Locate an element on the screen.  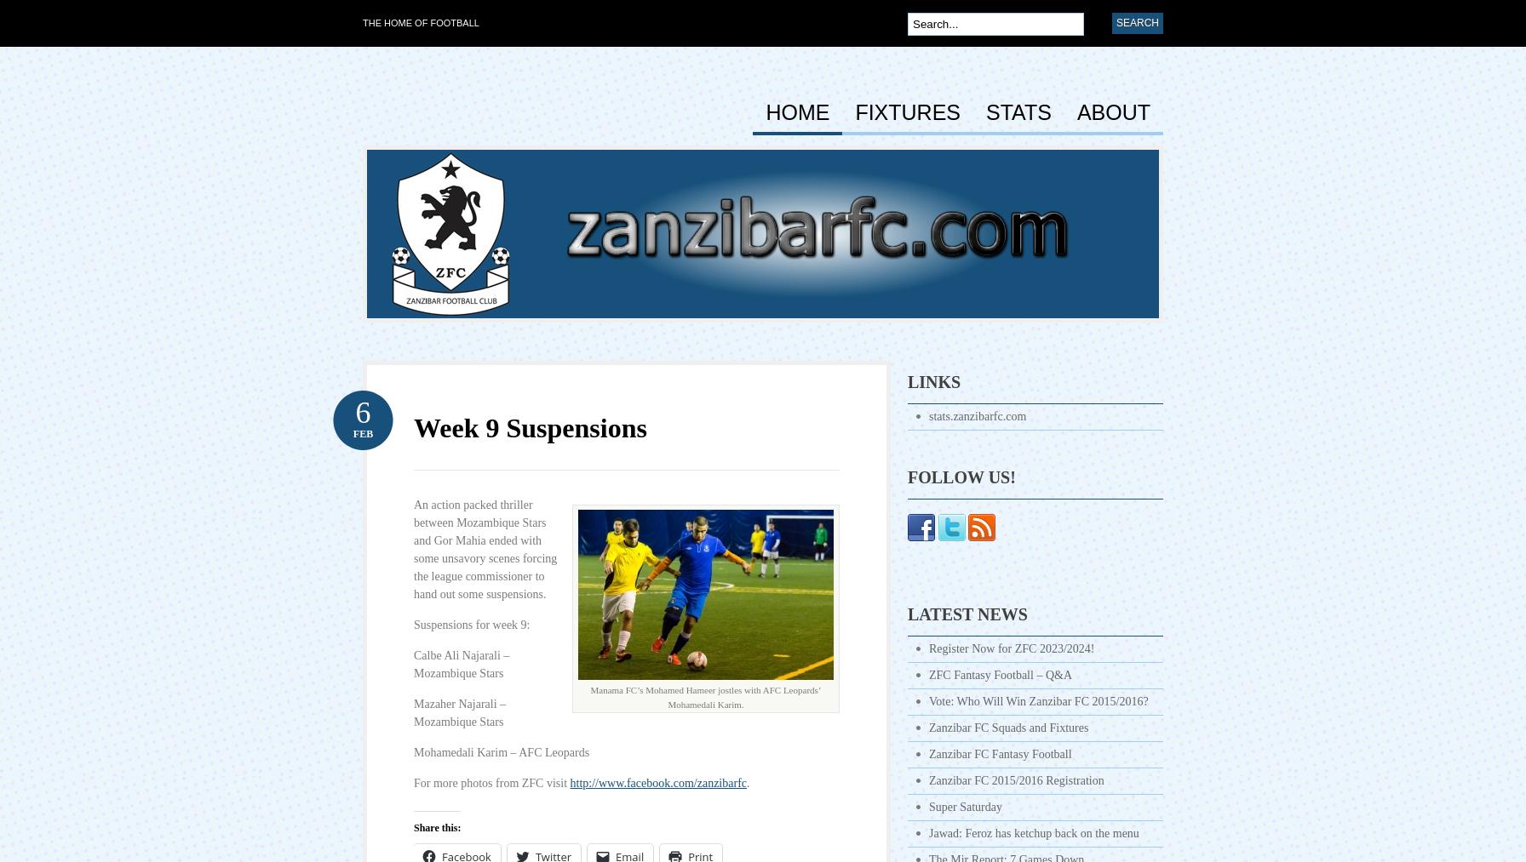
'The home of football' is located at coordinates (362, 22).